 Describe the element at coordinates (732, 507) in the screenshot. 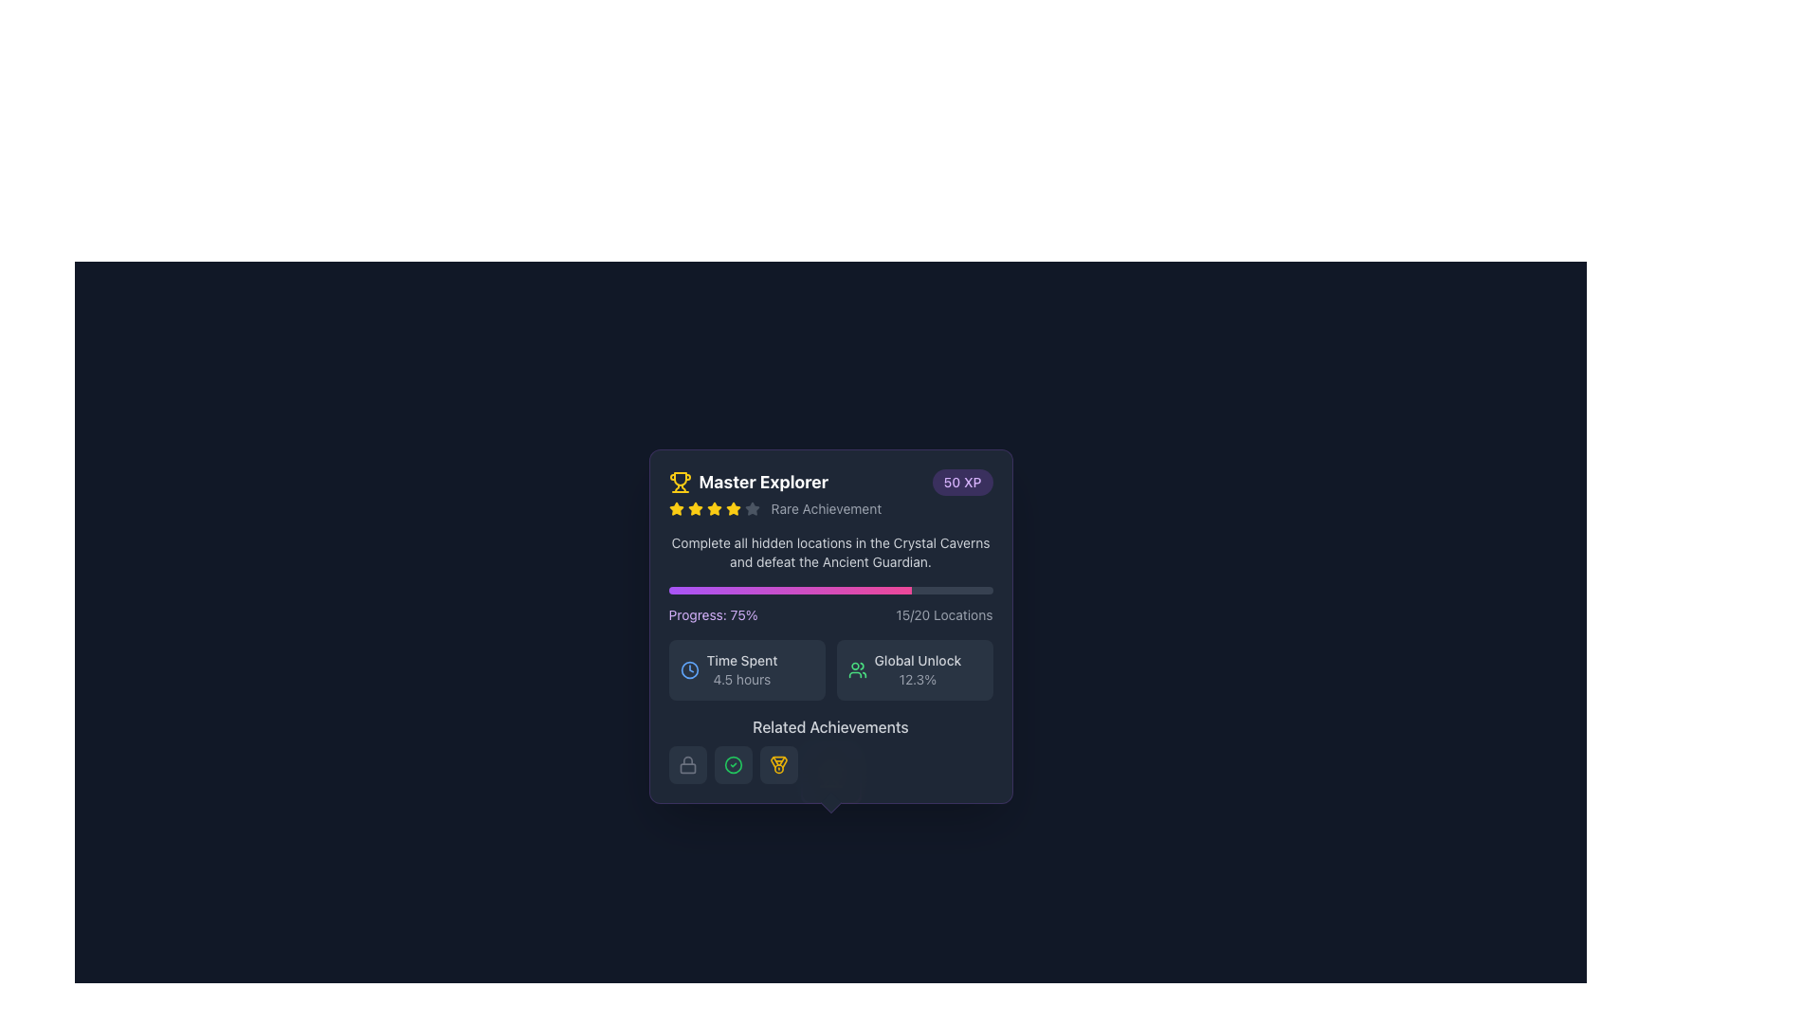

I see `the yellow star icon, which is the sixth icon in a horizontal row under the 'Master Explorer' heading, positioned between the fifth yellow star and the gray outlined star` at that location.